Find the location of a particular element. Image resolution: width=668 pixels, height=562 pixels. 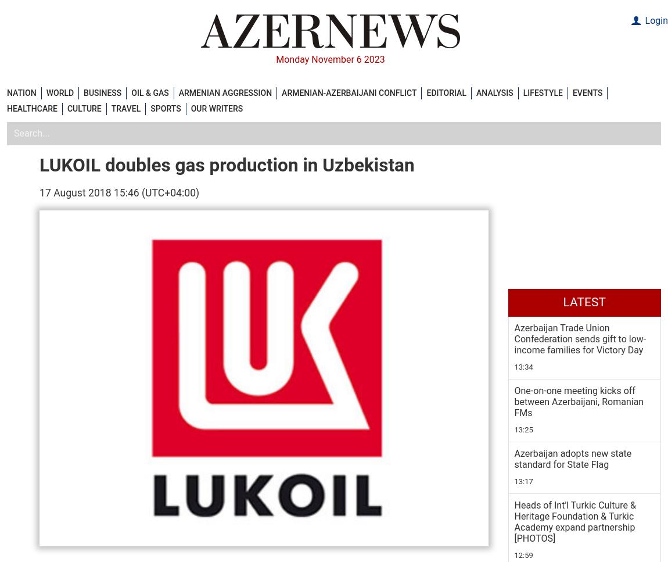

'5 November 22:00' is located at coordinates (514, 373).